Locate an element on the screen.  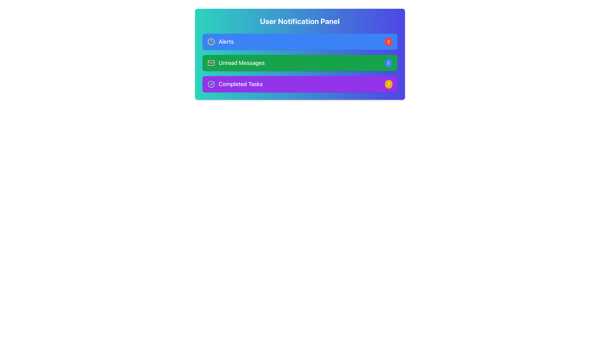
the Notification Item labeled 'Unread Messages' with a green background, located in the User Notification Panel, for interaction is located at coordinates (299, 63).